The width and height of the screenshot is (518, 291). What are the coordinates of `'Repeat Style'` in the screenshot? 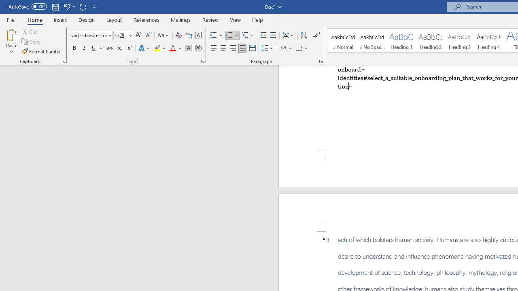 It's located at (83, 6).